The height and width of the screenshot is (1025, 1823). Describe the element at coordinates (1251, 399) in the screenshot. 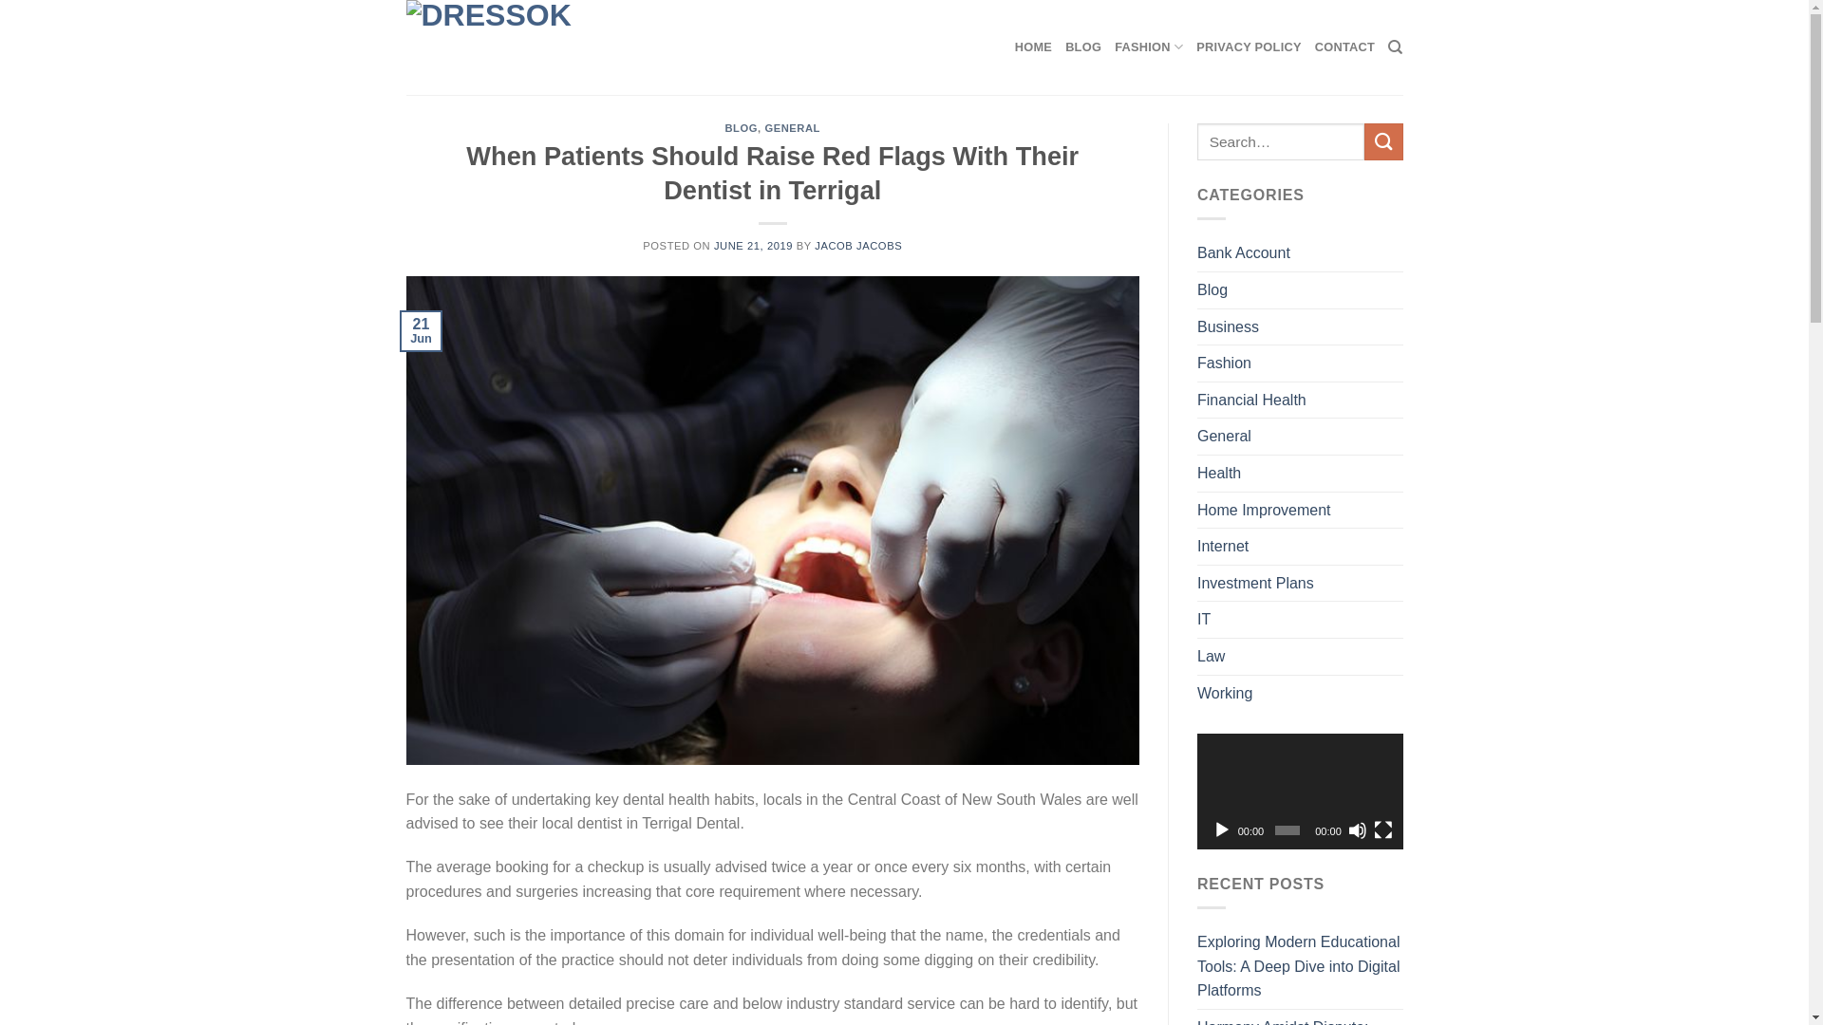

I see `'Financial Health'` at that location.